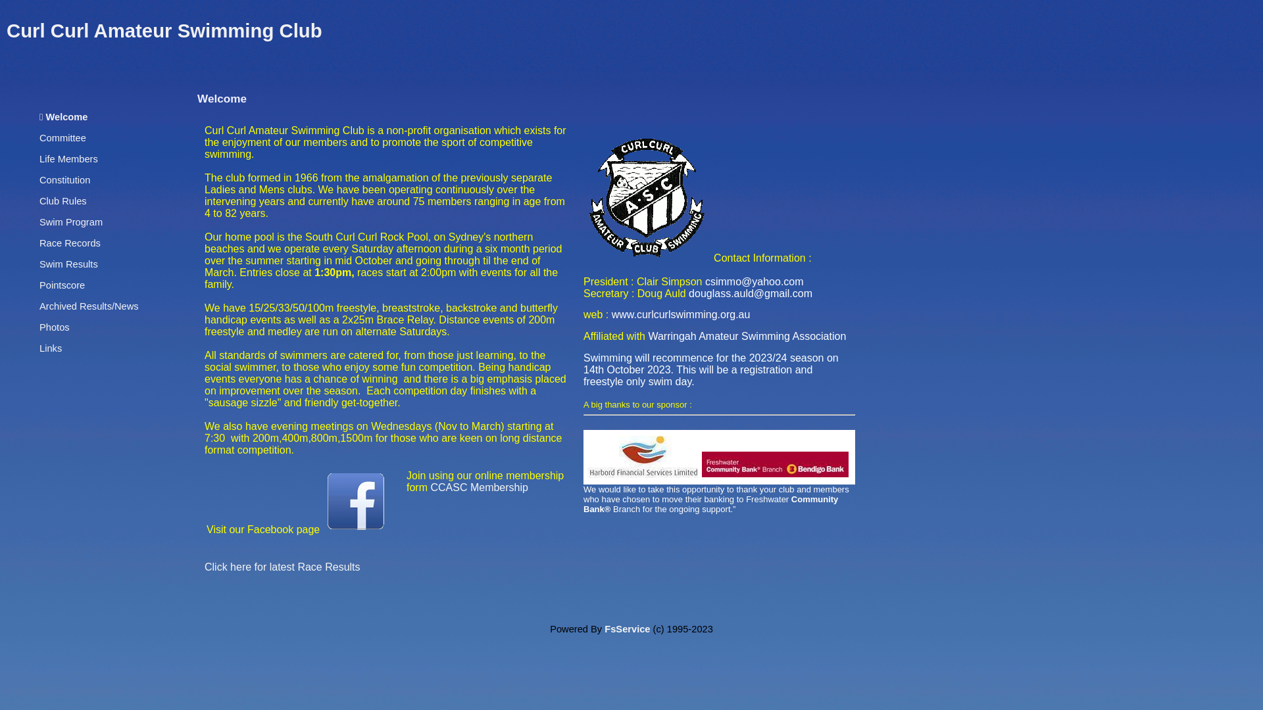  What do you see at coordinates (62, 201) in the screenshot?
I see `'Club Rules'` at bounding box center [62, 201].